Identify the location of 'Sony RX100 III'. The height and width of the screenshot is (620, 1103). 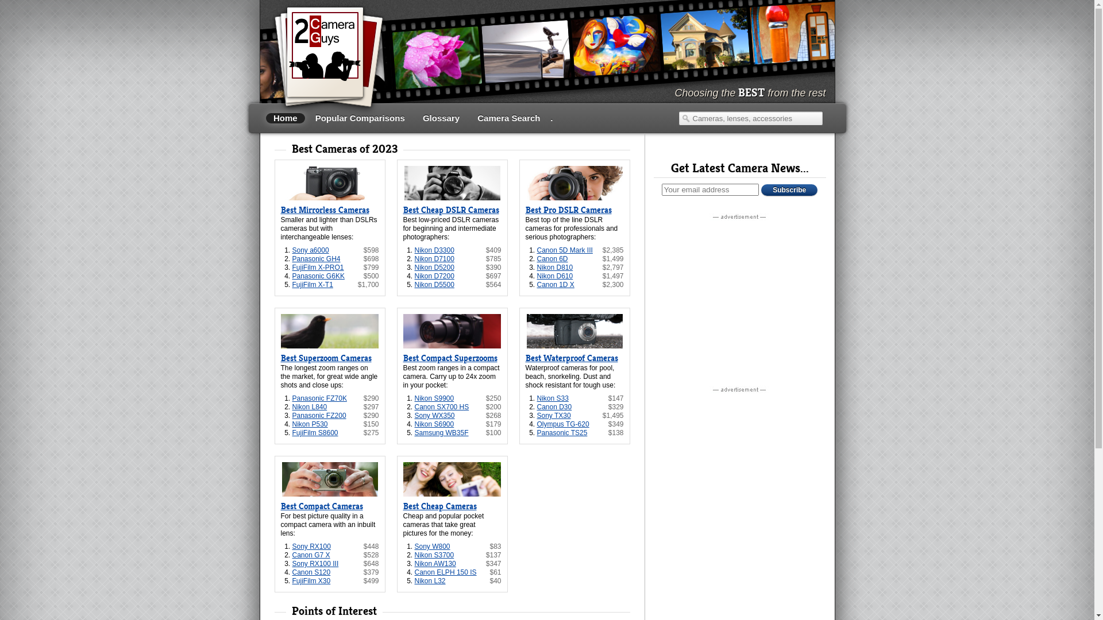
(315, 563).